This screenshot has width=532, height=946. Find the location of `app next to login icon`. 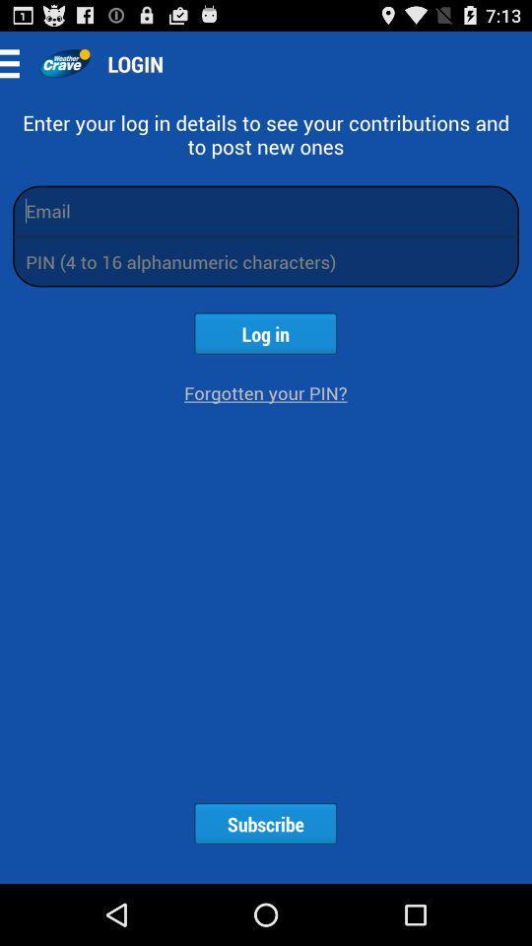

app next to login icon is located at coordinates (64, 63).